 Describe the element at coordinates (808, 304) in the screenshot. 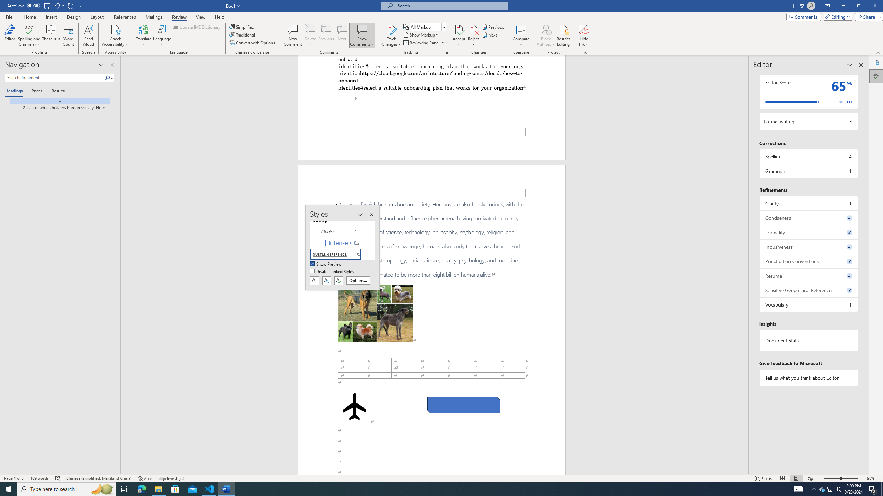

I see `'Vocabulary, 1 issue. Press space or enter to review items.'` at that location.